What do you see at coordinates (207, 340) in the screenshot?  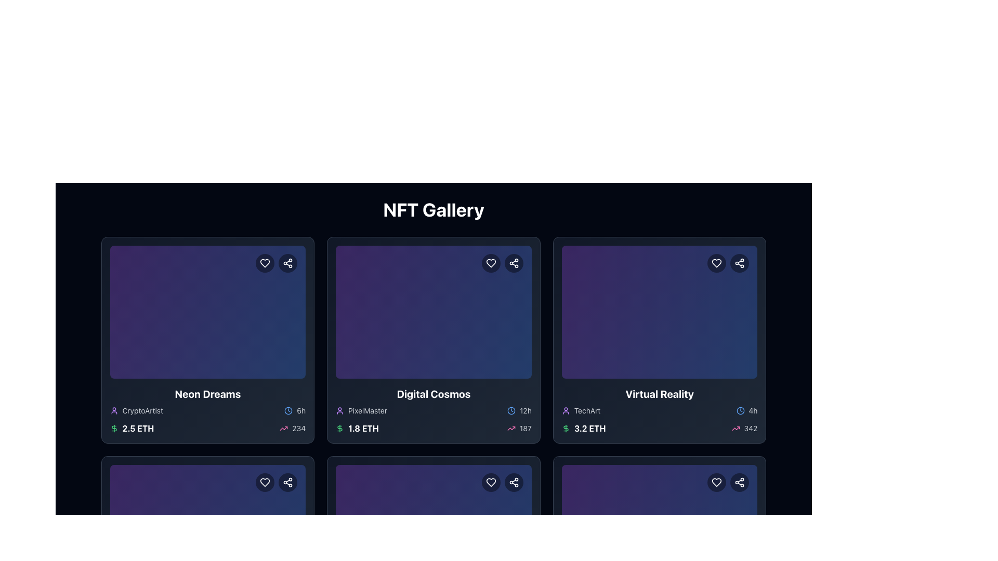 I see `the leftmost card in the first row of the gallery catalog, which displays details like title, artist, price, and duration` at bounding box center [207, 340].